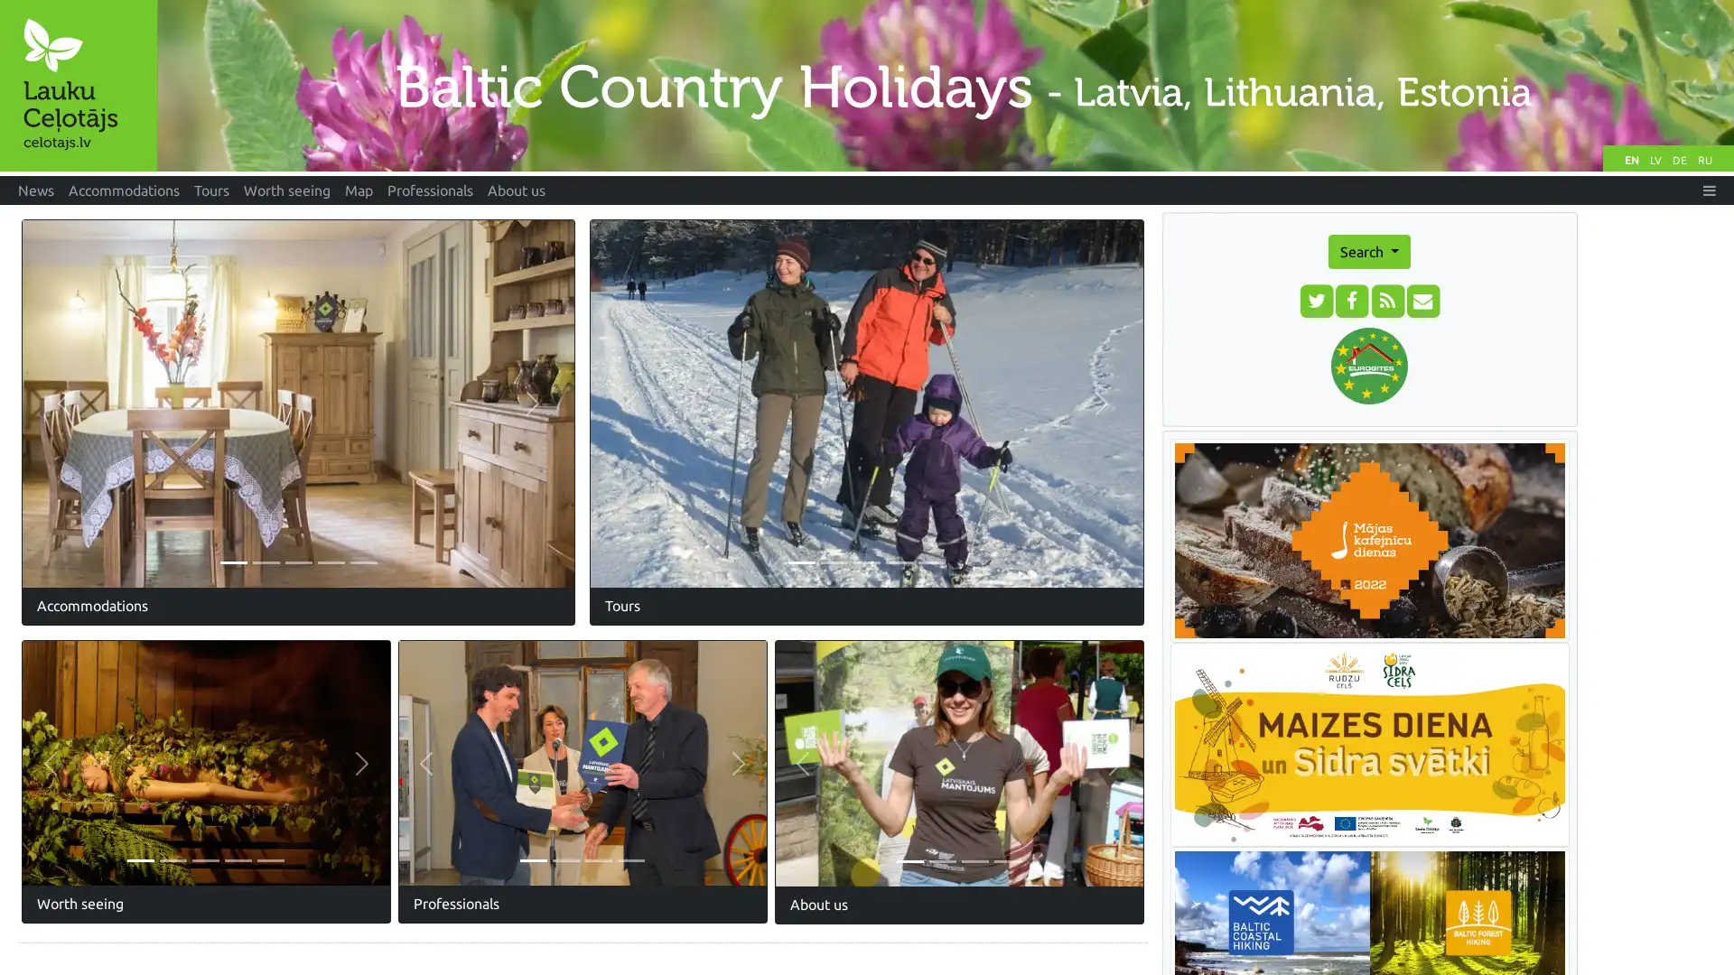 The height and width of the screenshot is (975, 1734). I want to click on Next, so click(1100, 403).